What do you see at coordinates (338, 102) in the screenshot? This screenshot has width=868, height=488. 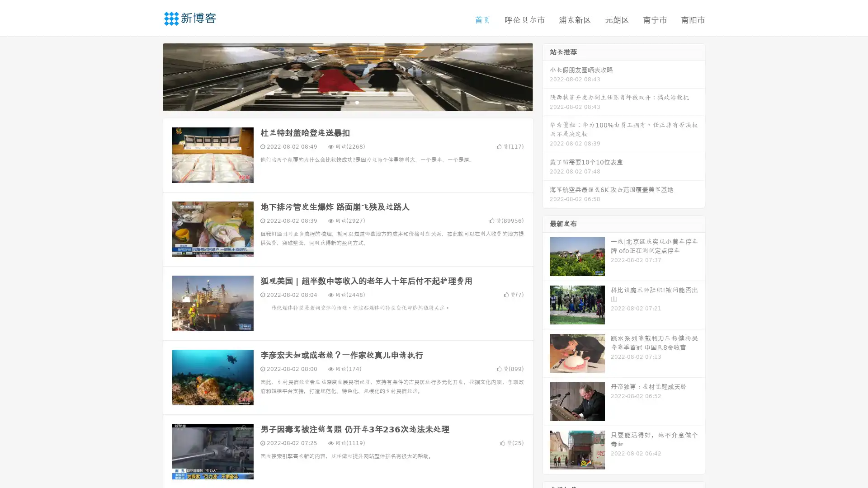 I see `Go to slide 1` at bounding box center [338, 102].